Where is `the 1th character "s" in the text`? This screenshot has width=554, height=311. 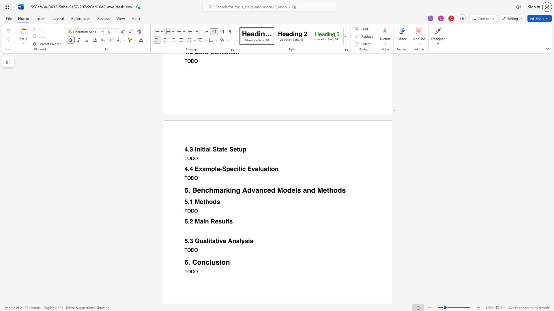
the 1th character "s" in the text is located at coordinates (218, 202).